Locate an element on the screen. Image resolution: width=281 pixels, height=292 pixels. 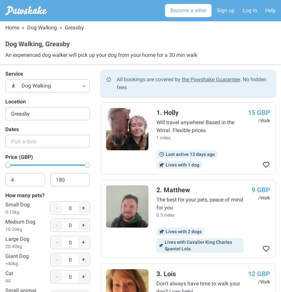
'Large Dog' is located at coordinates (17, 238).